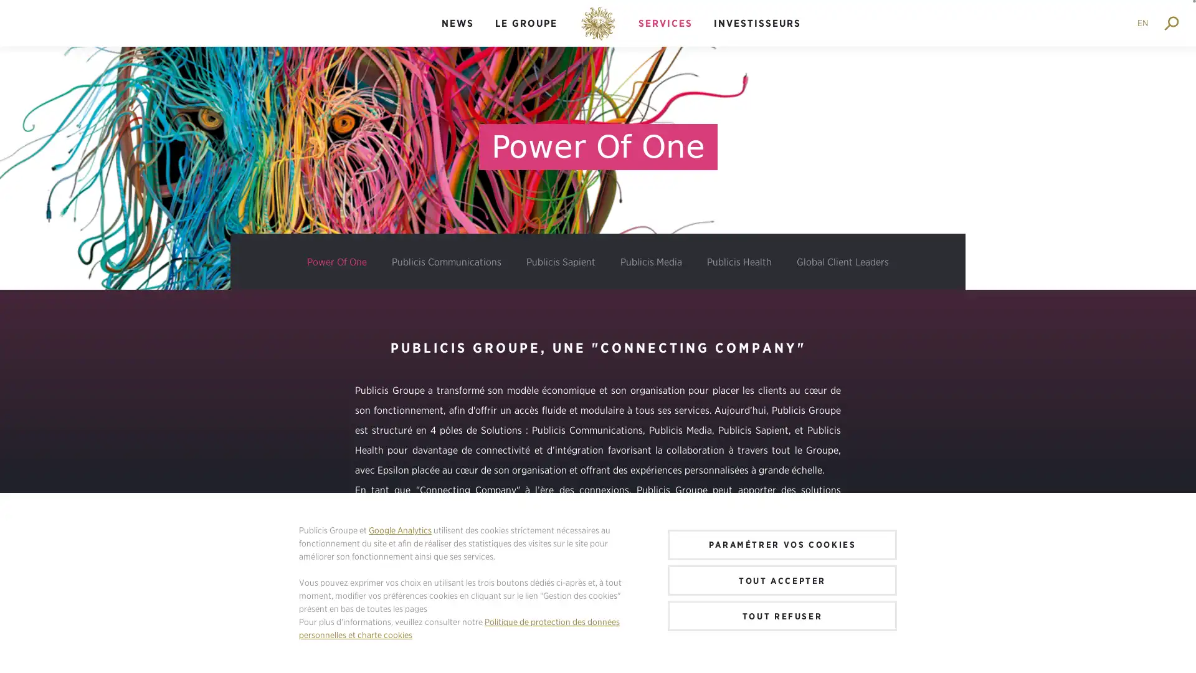  What do you see at coordinates (782, 543) in the screenshot?
I see `PARAMETRER VOS COOKIES PARAMETRER VOS COOKIES` at bounding box center [782, 543].